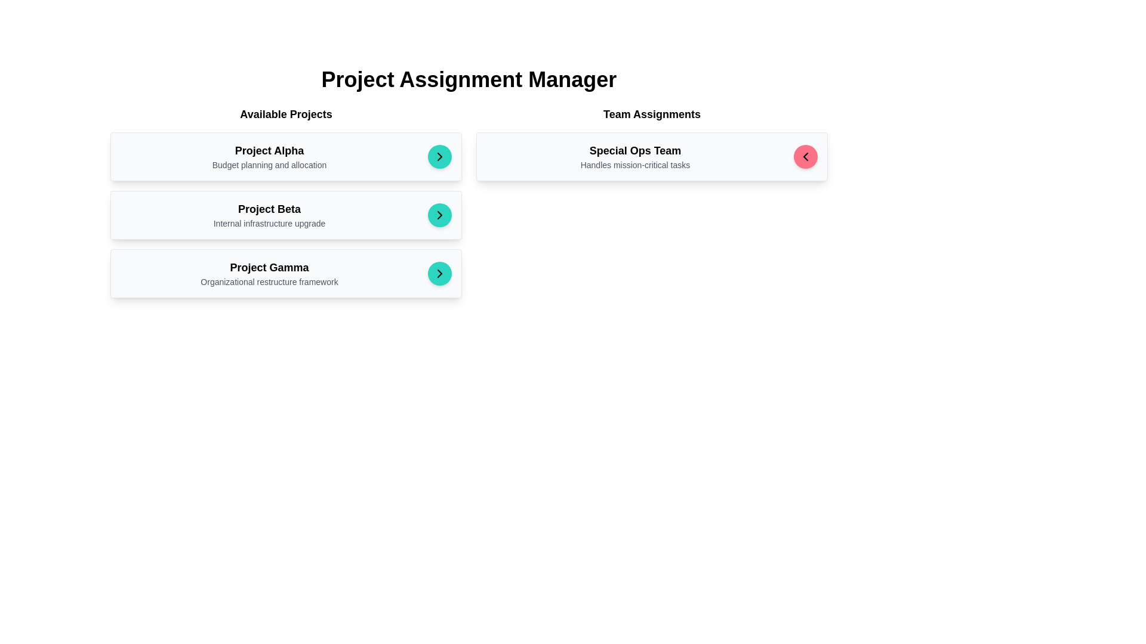 Image resolution: width=1146 pixels, height=644 pixels. I want to click on the text element displaying 'Internal infrastructure upgrade', which is located under the title 'Project Beta' in the 'Available Projects' section, so click(269, 223).